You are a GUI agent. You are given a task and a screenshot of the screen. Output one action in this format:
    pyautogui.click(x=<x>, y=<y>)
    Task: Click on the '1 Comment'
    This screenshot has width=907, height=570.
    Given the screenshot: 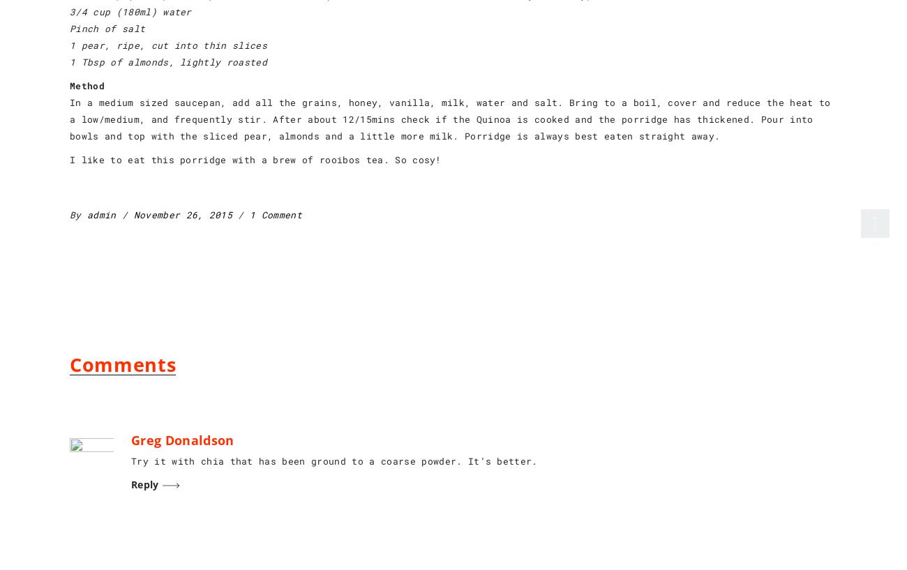 What is the action you would take?
    pyautogui.click(x=276, y=214)
    